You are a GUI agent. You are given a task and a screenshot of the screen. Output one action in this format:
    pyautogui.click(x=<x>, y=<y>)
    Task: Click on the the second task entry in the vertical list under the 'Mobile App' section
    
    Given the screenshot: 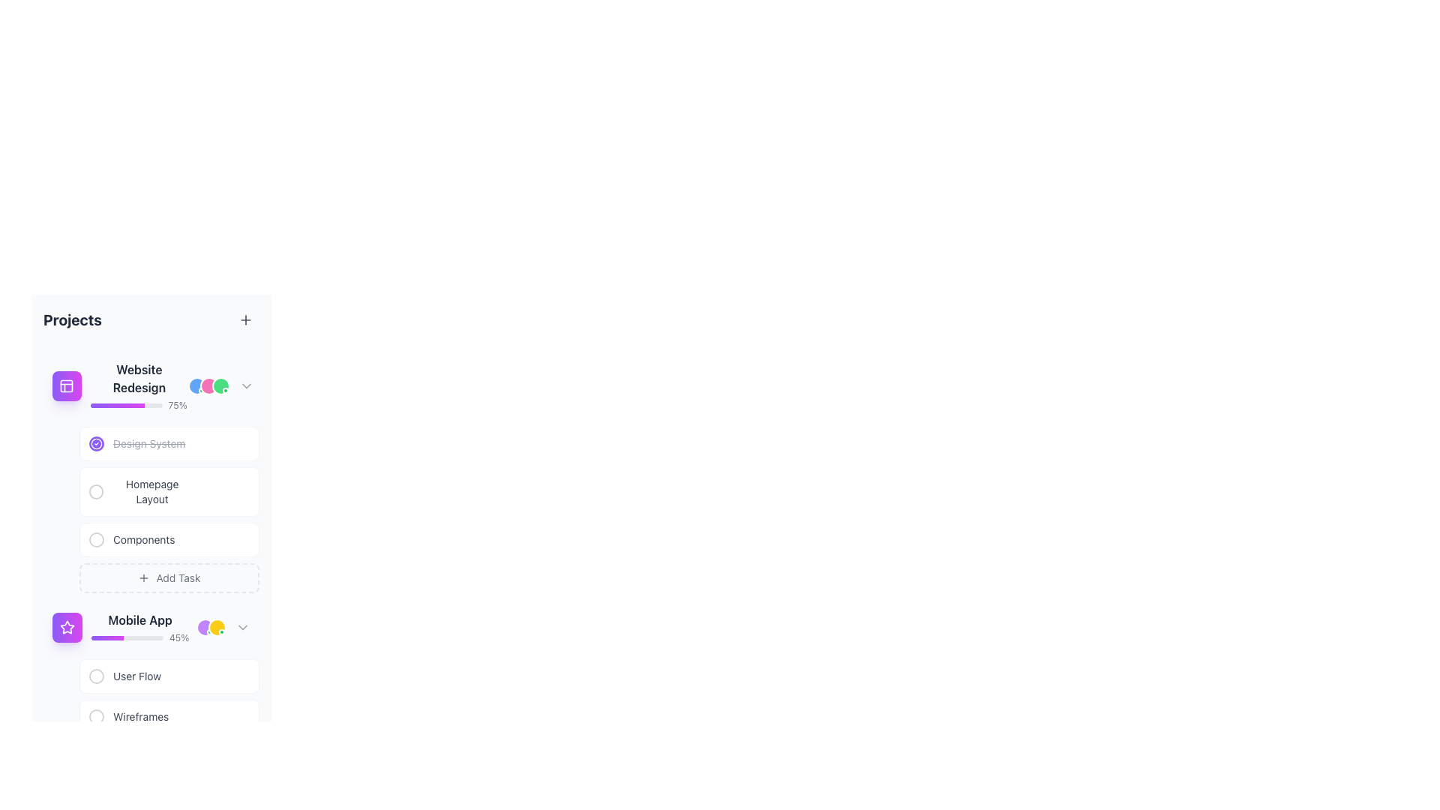 What is the action you would take?
    pyautogui.click(x=169, y=713)
    